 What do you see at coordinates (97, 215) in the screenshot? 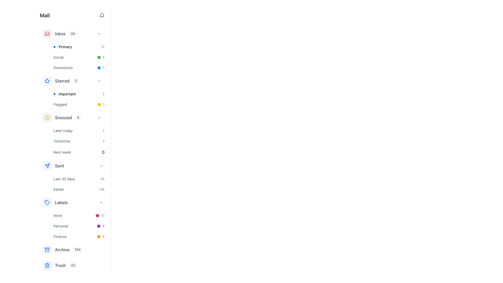
I see `the pink circular icon in the 'Work' label section, which serves as a visual indicator for a category or tag` at bounding box center [97, 215].